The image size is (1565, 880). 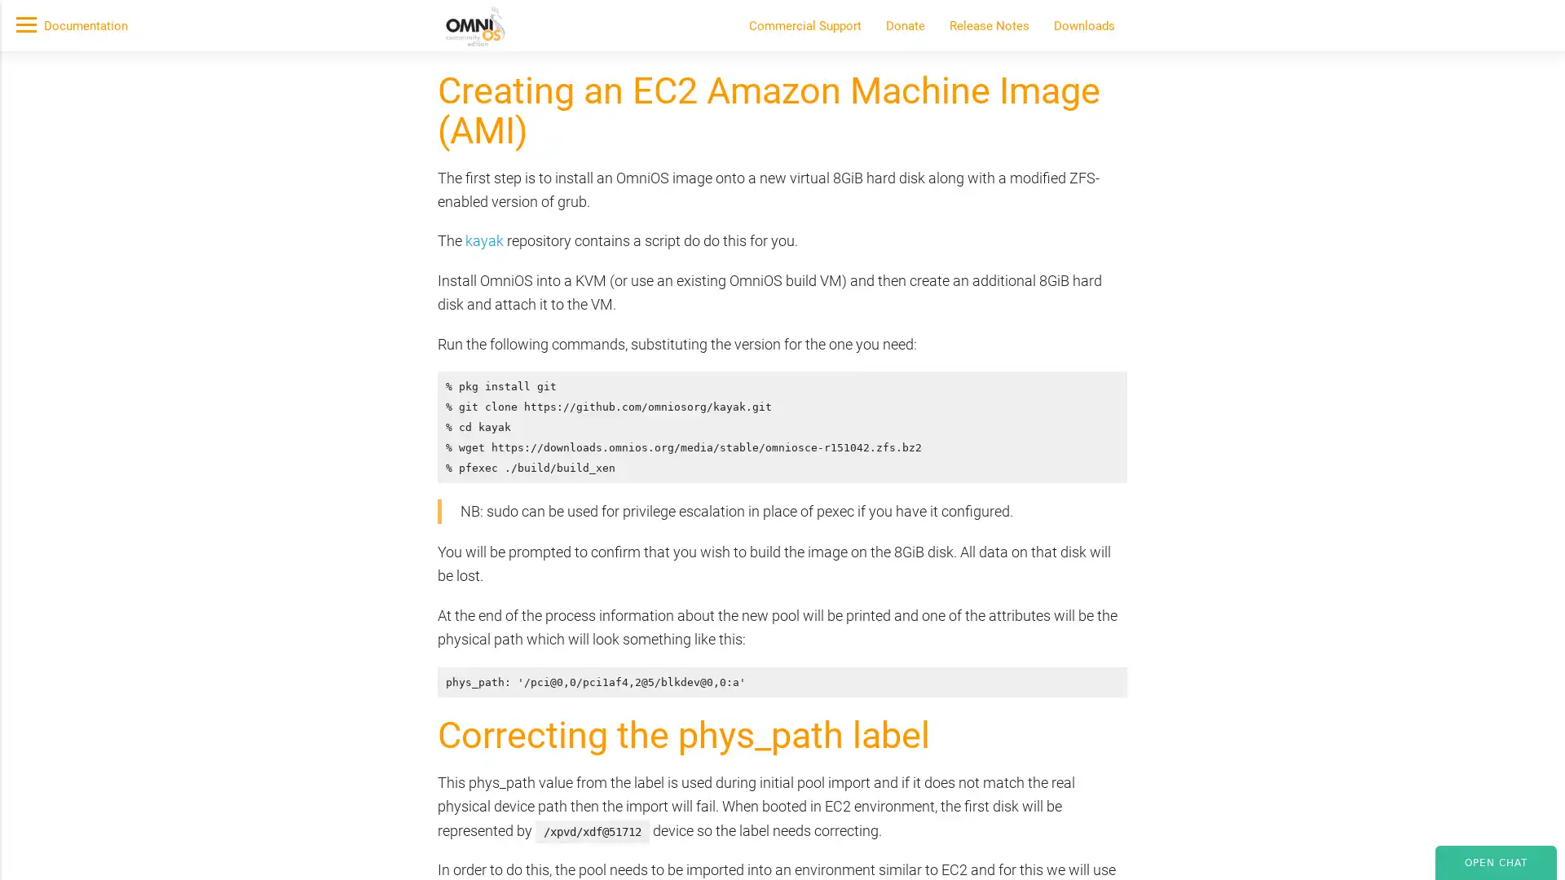 What do you see at coordinates (447, 184) in the screenshot?
I see `SUBSCRIBE NOW!` at bounding box center [447, 184].